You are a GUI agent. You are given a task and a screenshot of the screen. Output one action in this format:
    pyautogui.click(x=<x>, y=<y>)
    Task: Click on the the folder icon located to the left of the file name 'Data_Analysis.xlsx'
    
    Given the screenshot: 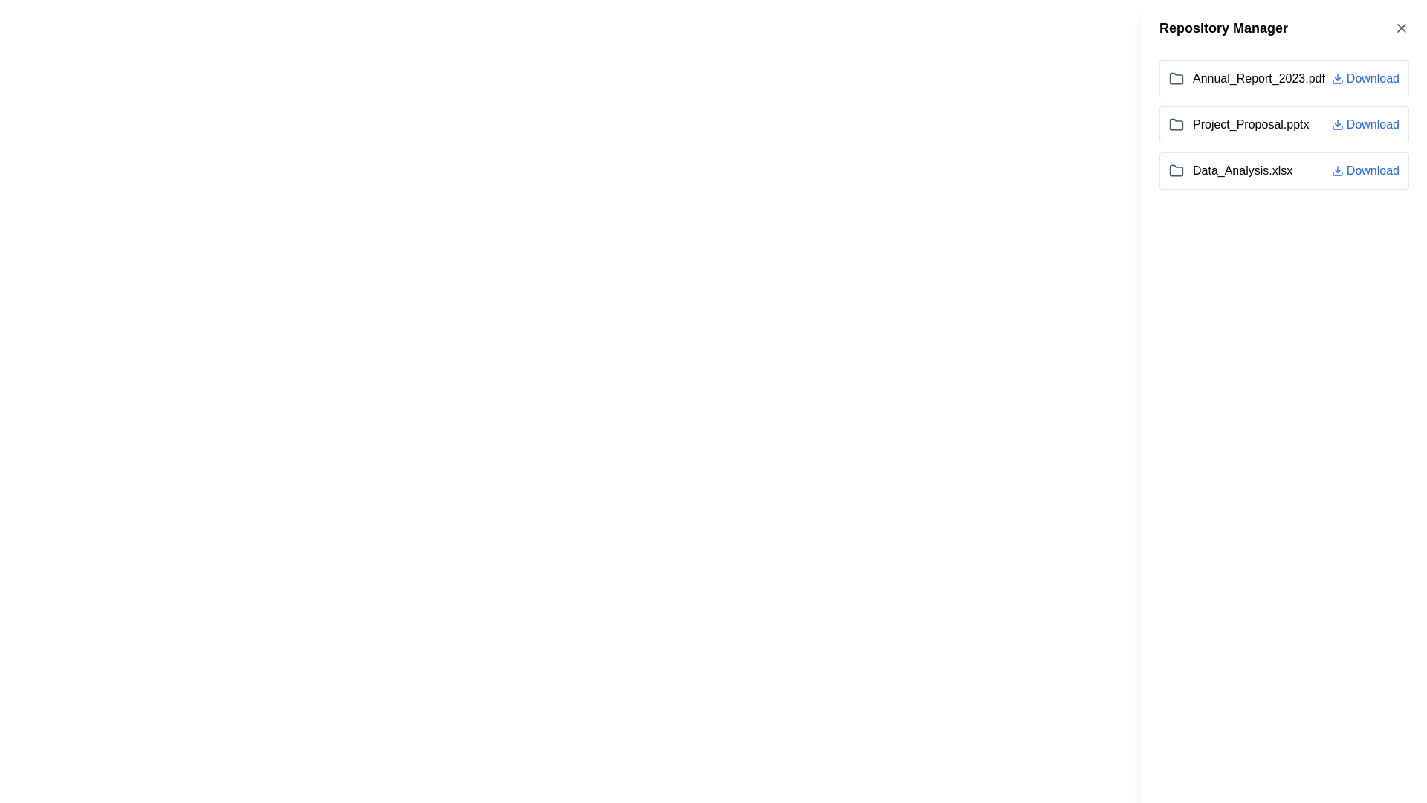 What is the action you would take?
    pyautogui.click(x=1176, y=170)
    